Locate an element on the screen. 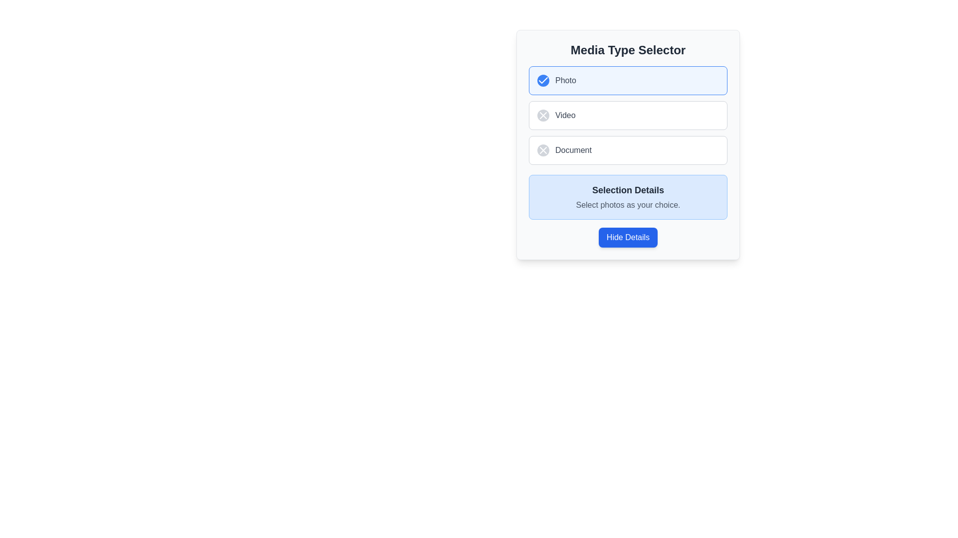 The width and height of the screenshot is (958, 538). the 'Document' text label which is styled in a medium-weight gray font and is the third option in the 'Media Type Selector' section is located at coordinates (573, 150).